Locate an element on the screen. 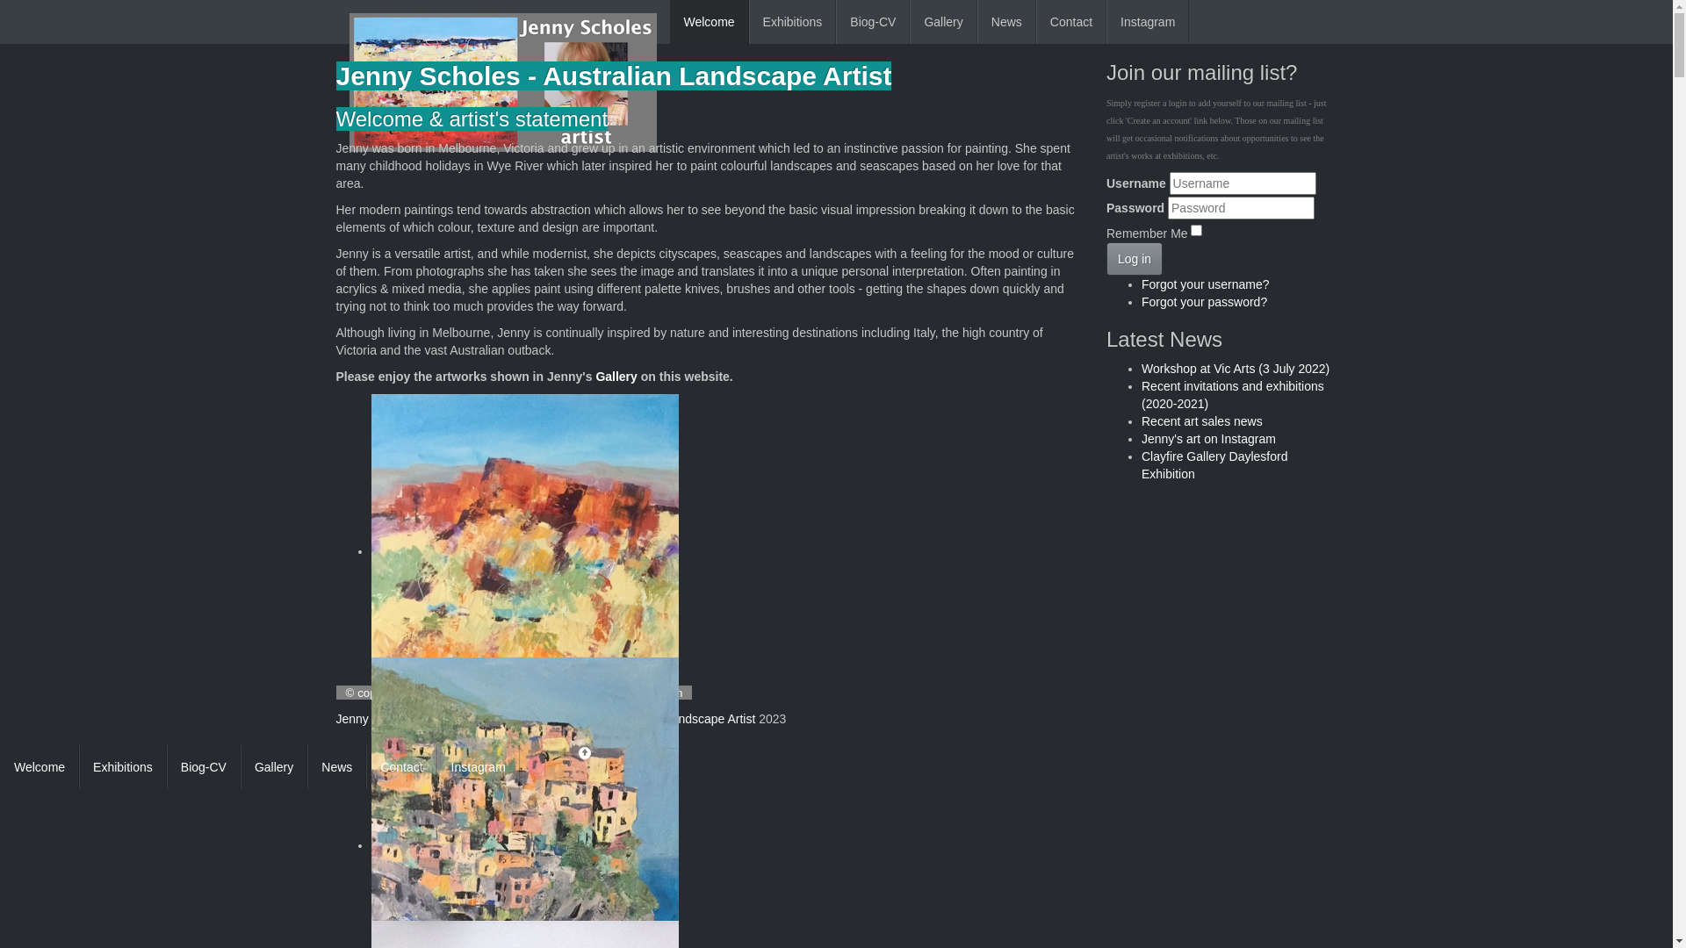 The width and height of the screenshot is (1686, 948). 'Gallery' is located at coordinates (616, 375).